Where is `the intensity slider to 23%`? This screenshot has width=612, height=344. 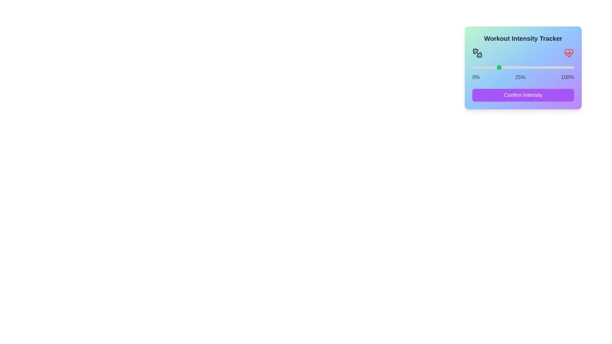
the intensity slider to 23% is located at coordinates (495, 68).